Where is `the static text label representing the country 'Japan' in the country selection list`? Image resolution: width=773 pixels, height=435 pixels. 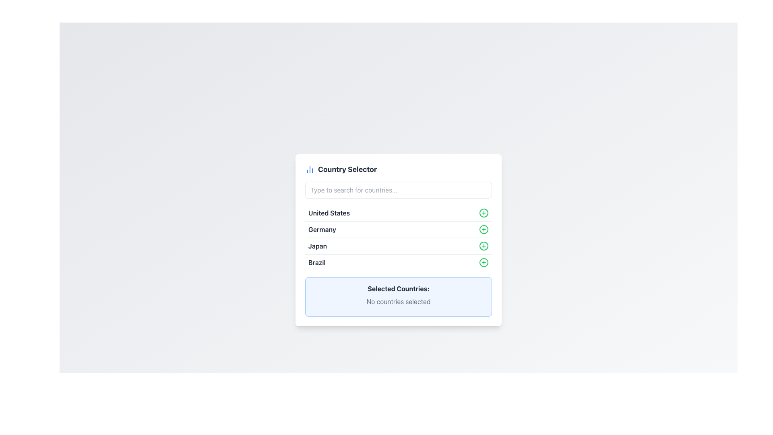
the static text label representing the country 'Japan' in the country selection list is located at coordinates (317, 245).